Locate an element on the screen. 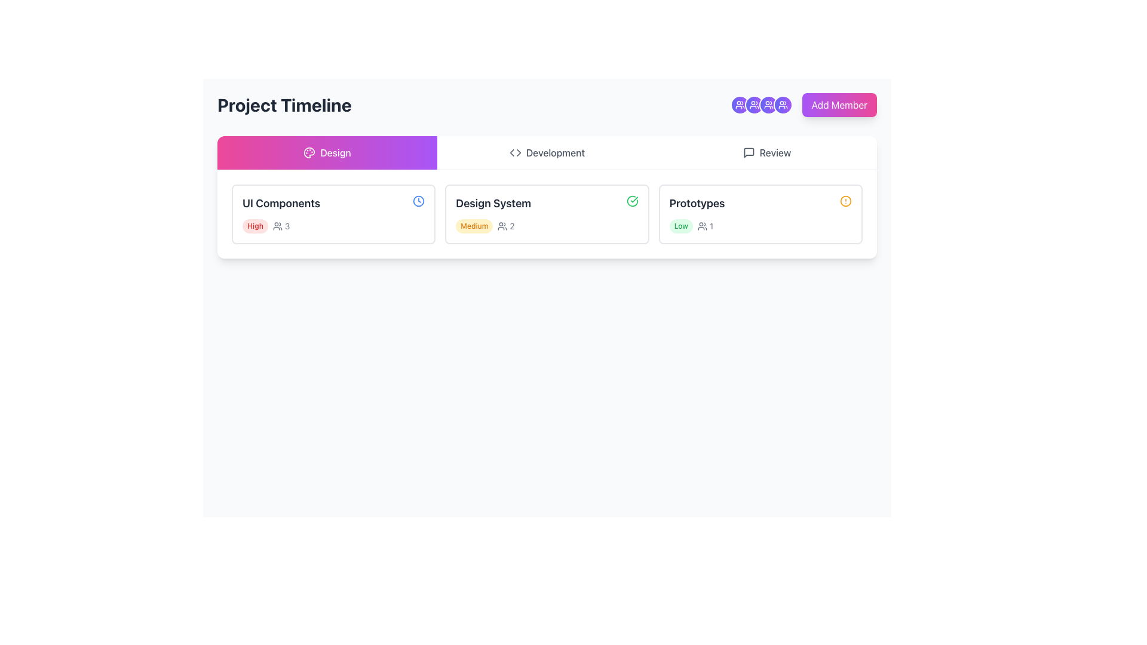 The image size is (1147, 645). Image icon representing the 'Design' section, which is located adjacent to the 'Design' label in the navigation bar is located at coordinates (309, 152).